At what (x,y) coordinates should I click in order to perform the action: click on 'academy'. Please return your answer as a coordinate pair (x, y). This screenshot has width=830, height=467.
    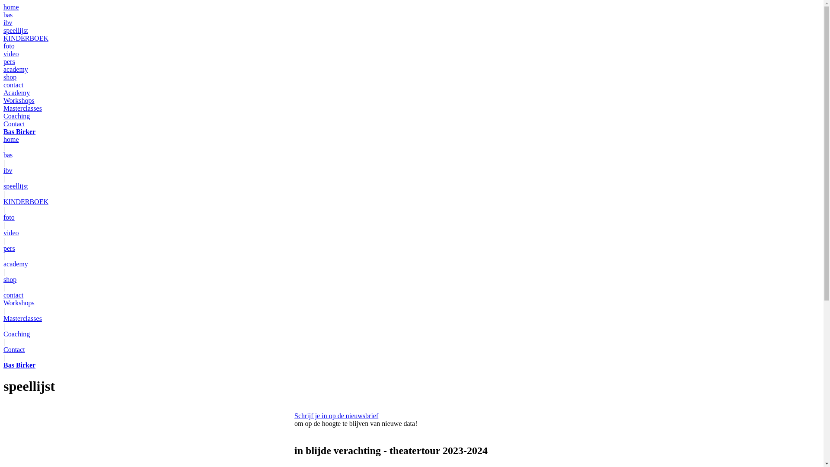
    Looking at the image, I should click on (16, 69).